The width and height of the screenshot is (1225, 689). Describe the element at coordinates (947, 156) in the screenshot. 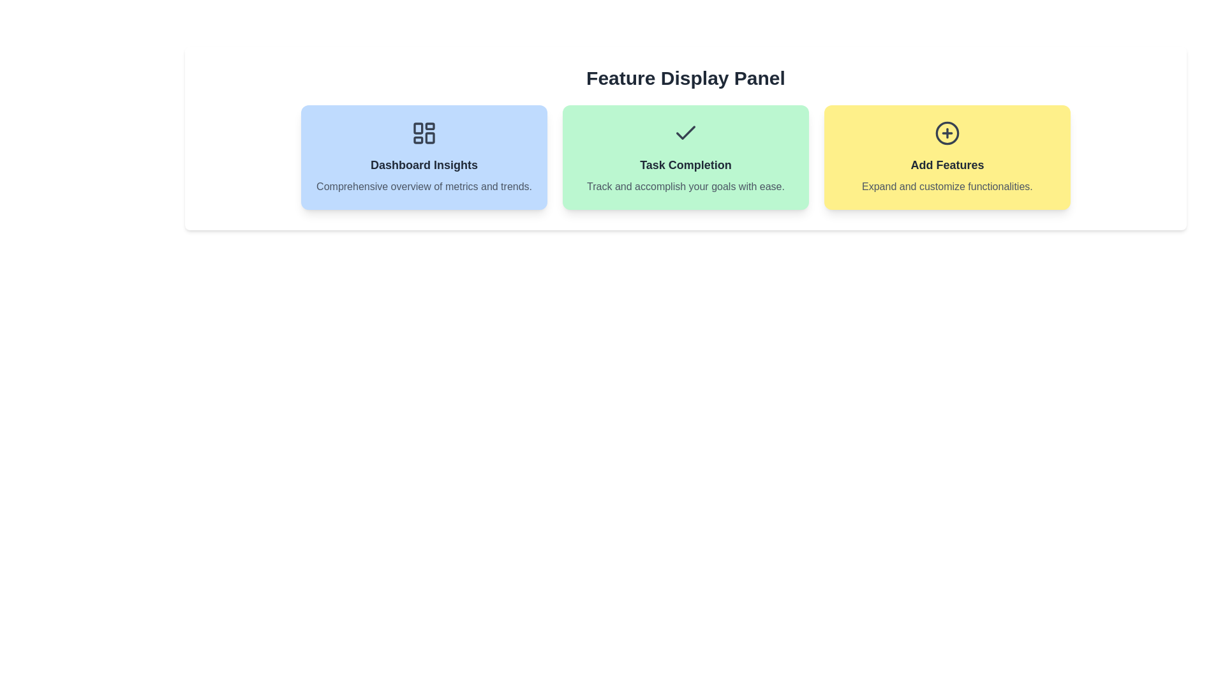

I see `the Informational card, which is the third card in a row of three, positioned on the far right side, likely serving as a promotional or informational item` at that location.